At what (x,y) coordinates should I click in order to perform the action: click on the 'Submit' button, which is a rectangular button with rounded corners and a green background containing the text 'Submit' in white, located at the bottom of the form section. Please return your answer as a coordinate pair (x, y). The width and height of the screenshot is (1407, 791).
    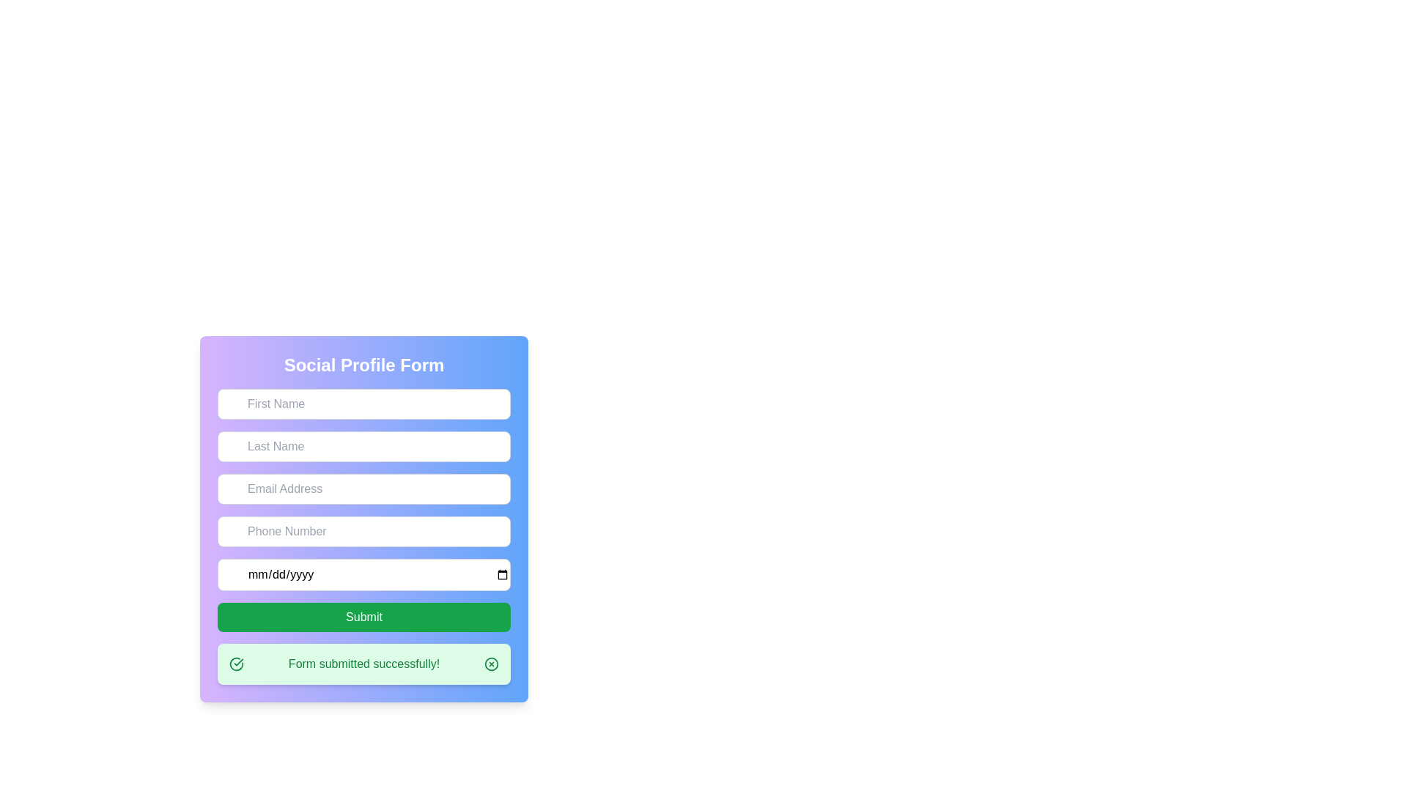
    Looking at the image, I should click on (364, 617).